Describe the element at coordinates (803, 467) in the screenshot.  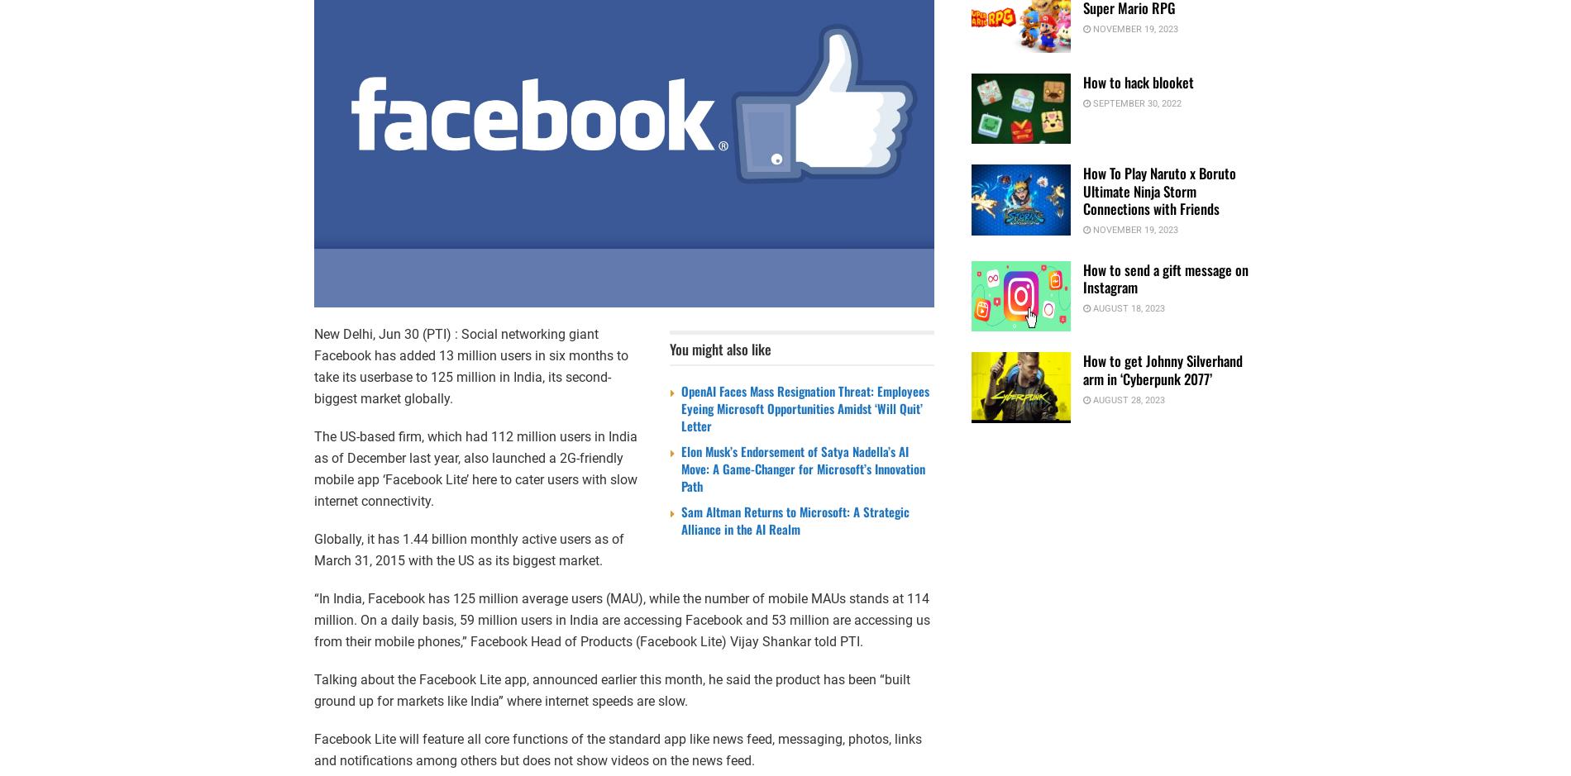
I see `'Elon Musk’s Endorsement of Satya Nadella’s AI Move: A Game-Changer for Microsoft’s Innovation Path'` at that location.